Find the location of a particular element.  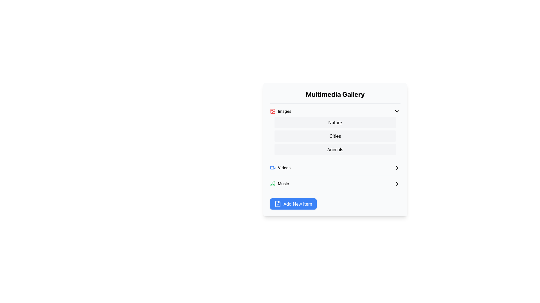

the category rows in the multimedia gallery panel is located at coordinates (335, 149).